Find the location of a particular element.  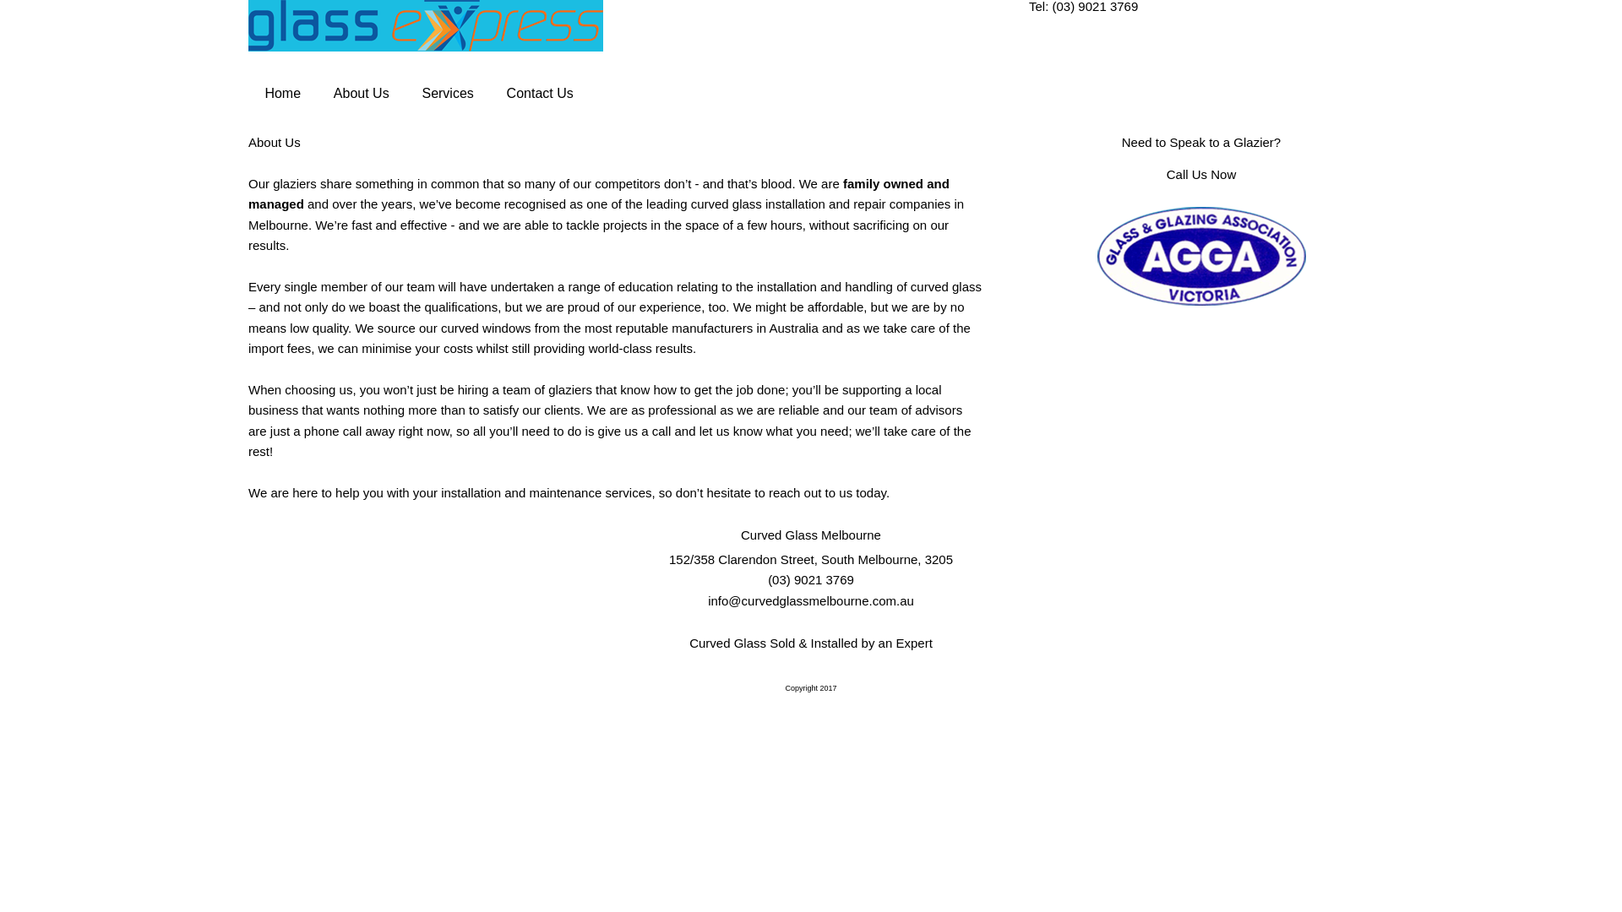

'About Us' is located at coordinates (360, 94).